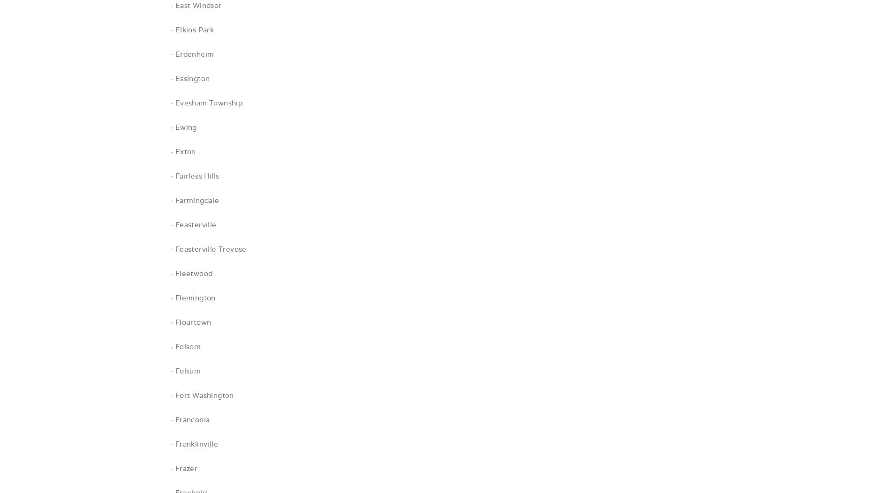 The height and width of the screenshot is (493, 891). I want to click on '· Evesham Township', so click(206, 103).